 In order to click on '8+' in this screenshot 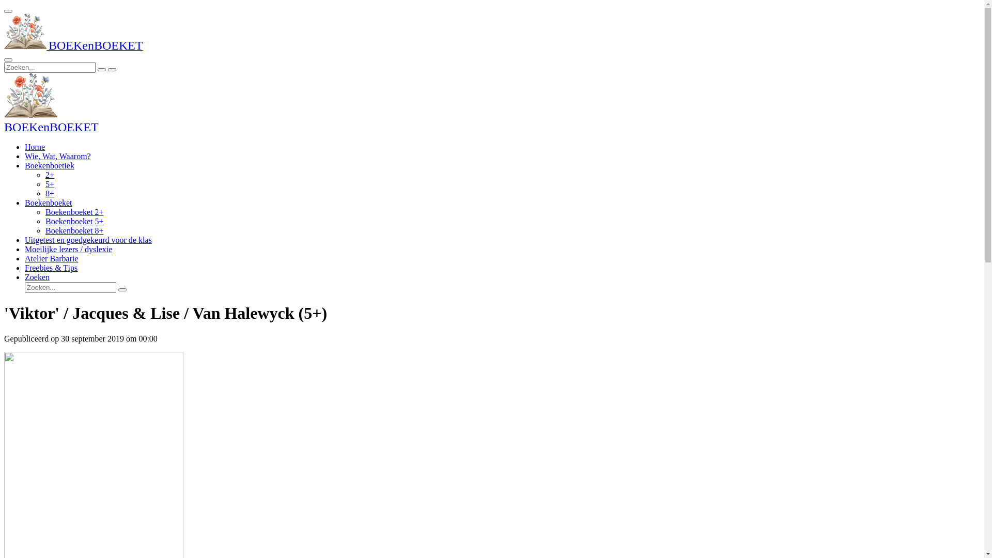, I will do `click(49, 193)`.